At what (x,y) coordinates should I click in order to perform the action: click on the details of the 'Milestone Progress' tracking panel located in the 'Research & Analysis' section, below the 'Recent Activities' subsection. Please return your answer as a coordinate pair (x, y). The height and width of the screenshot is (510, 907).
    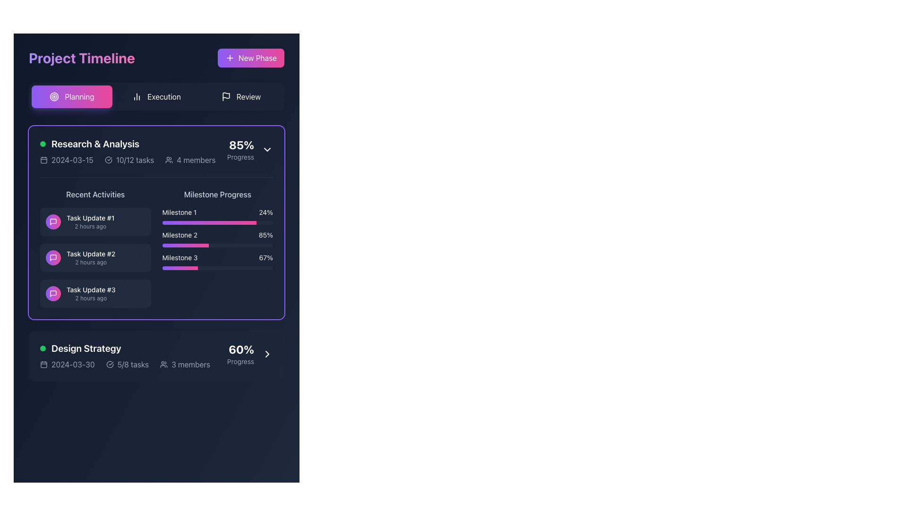
    Looking at the image, I should click on (217, 247).